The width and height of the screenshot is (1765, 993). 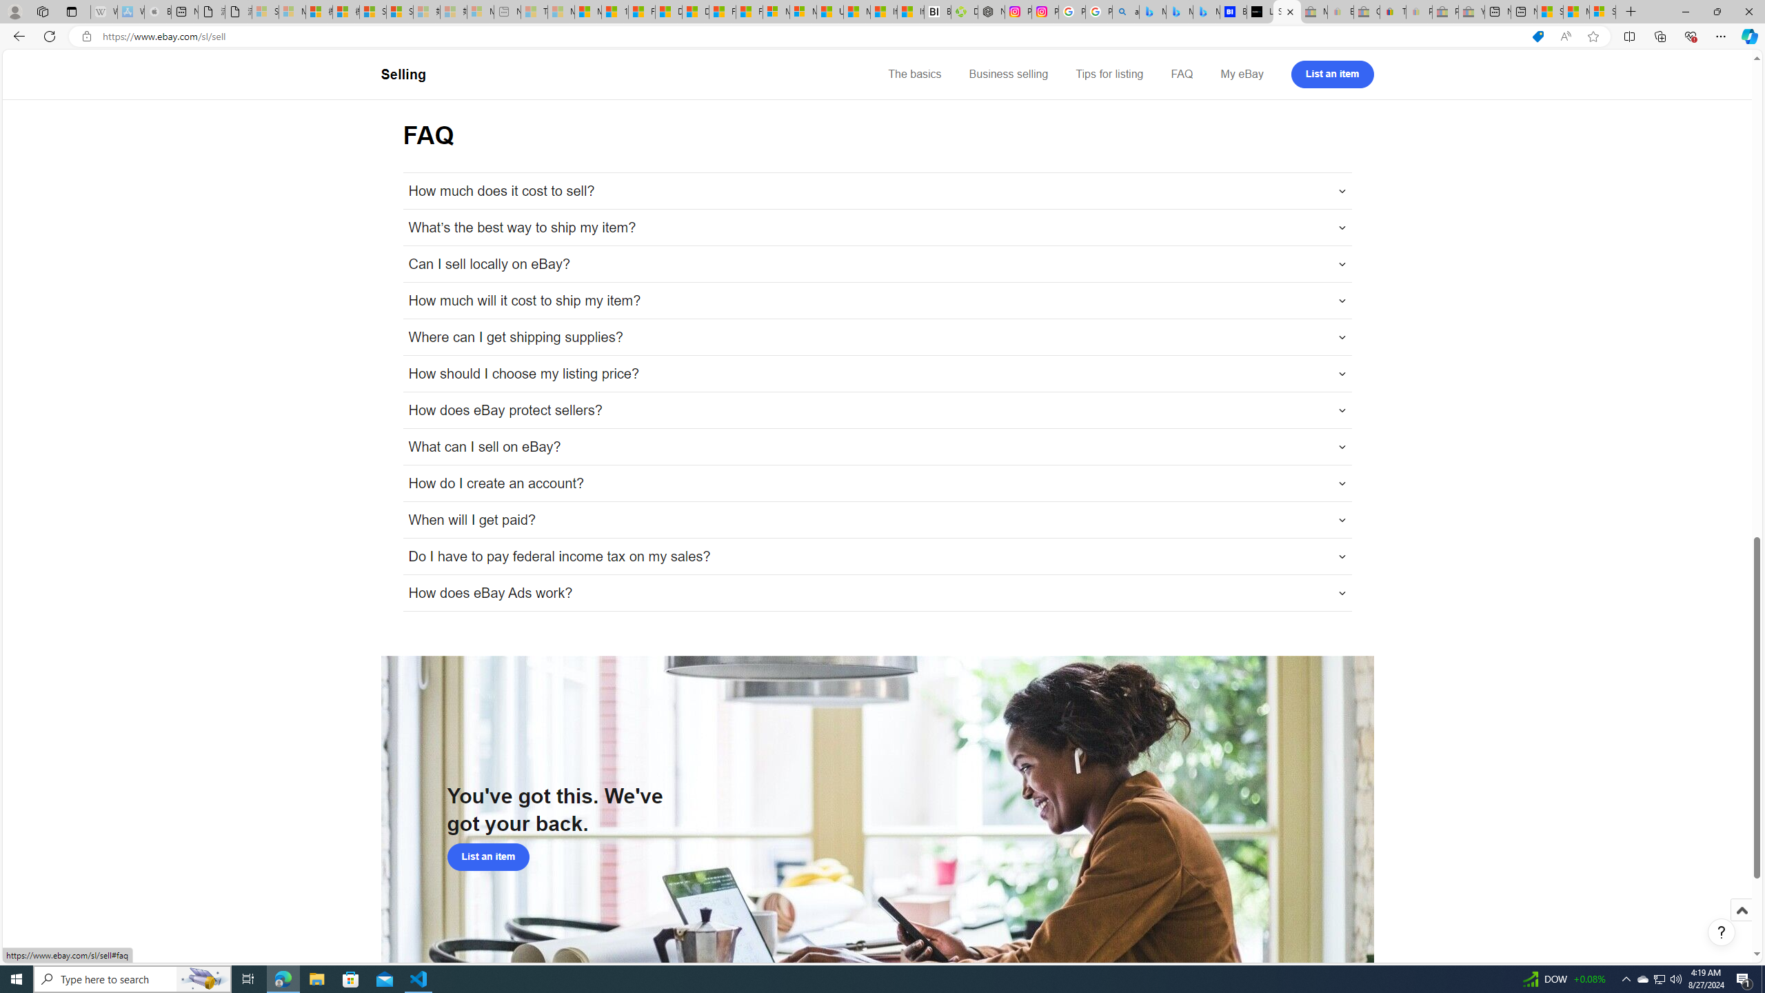 What do you see at coordinates (876, 301) in the screenshot?
I see `'How much will it cost to ship my item?'` at bounding box center [876, 301].